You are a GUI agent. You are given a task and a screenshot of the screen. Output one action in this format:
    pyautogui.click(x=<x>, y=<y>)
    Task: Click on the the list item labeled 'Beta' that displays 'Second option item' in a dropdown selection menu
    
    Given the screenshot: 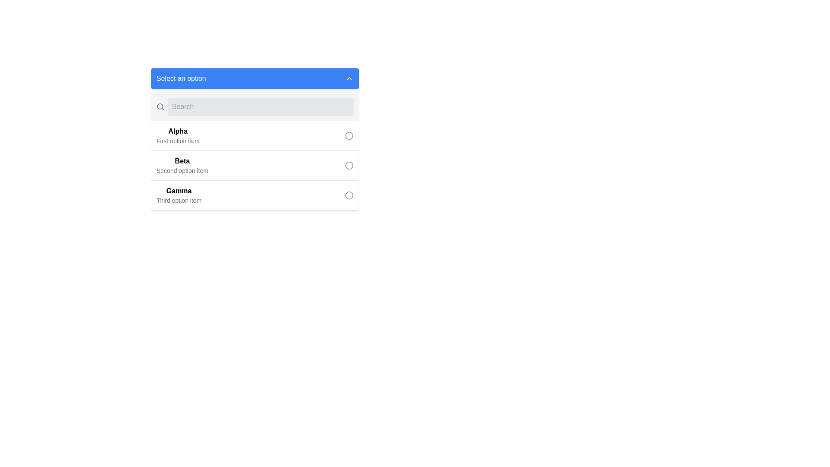 What is the action you would take?
    pyautogui.click(x=182, y=165)
    